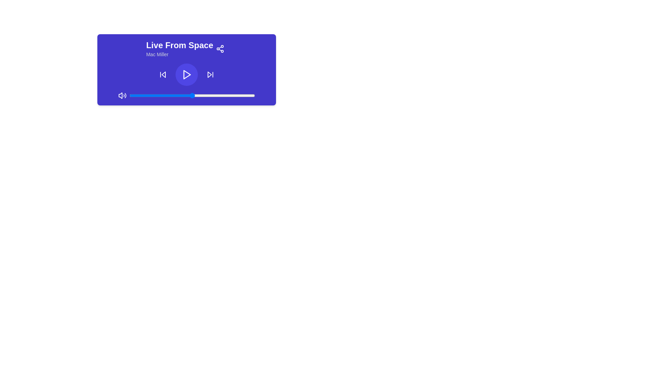 This screenshot has height=377, width=670. Describe the element at coordinates (219, 48) in the screenshot. I see `the share icon located in the top-right corner of the music player interface to initiate a share action` at that location.